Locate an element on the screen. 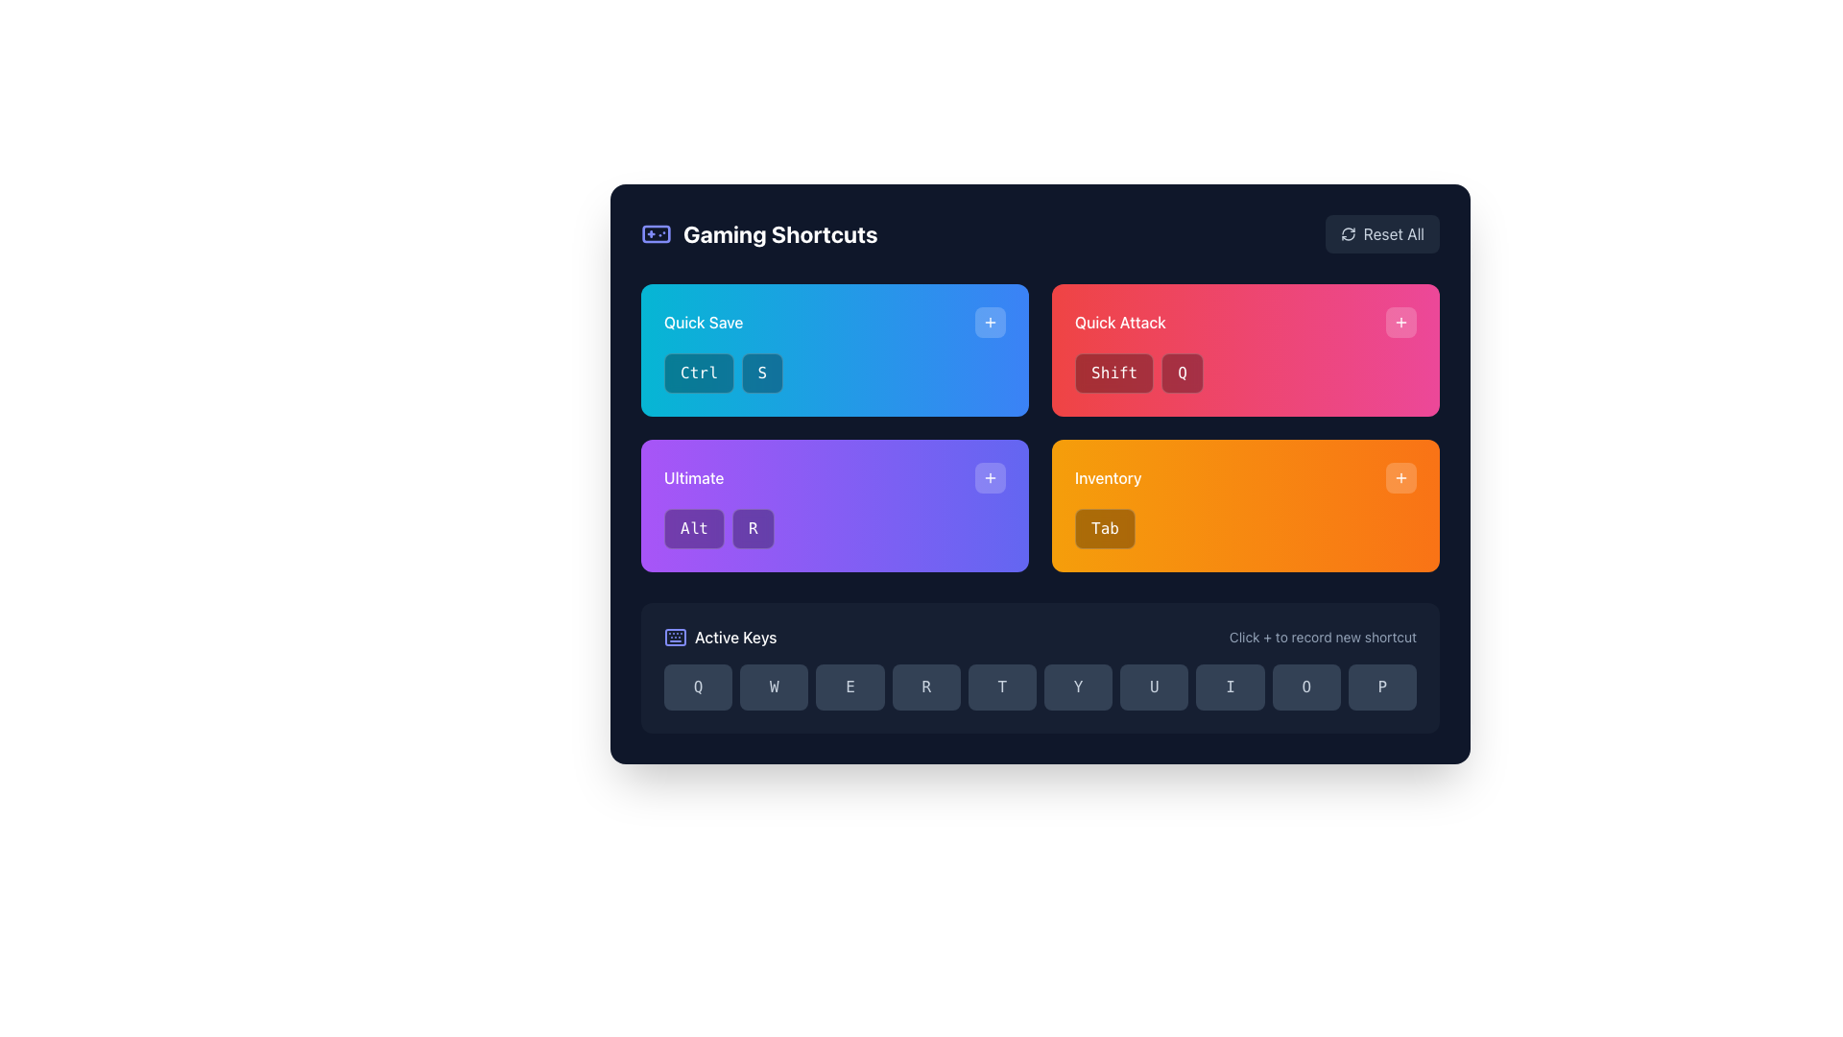 The width and height of the screenshot is (1843, 1037). the 'R' button located in the 'Ultimate' section of the interface, positioned to the right of the 'Alt' button is located at coordinates (752, 529).